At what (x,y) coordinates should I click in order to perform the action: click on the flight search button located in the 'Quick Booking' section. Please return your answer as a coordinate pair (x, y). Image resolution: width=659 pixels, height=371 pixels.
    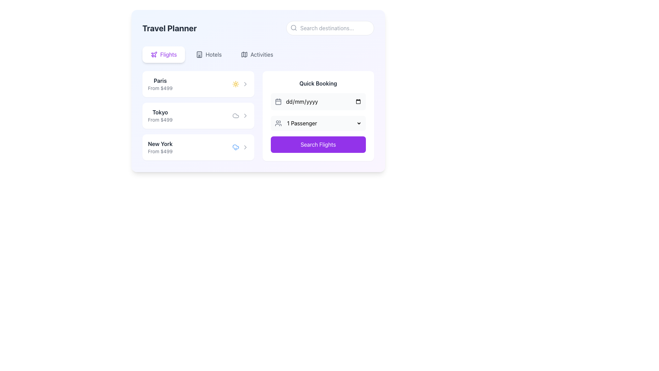
    Looking at the image, I should click on (318, 144).